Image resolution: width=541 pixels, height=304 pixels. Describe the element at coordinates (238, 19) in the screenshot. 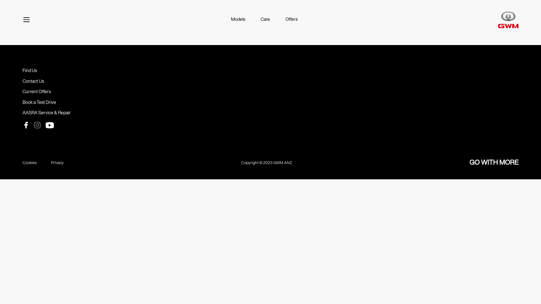

I see `'Models'` at that location.